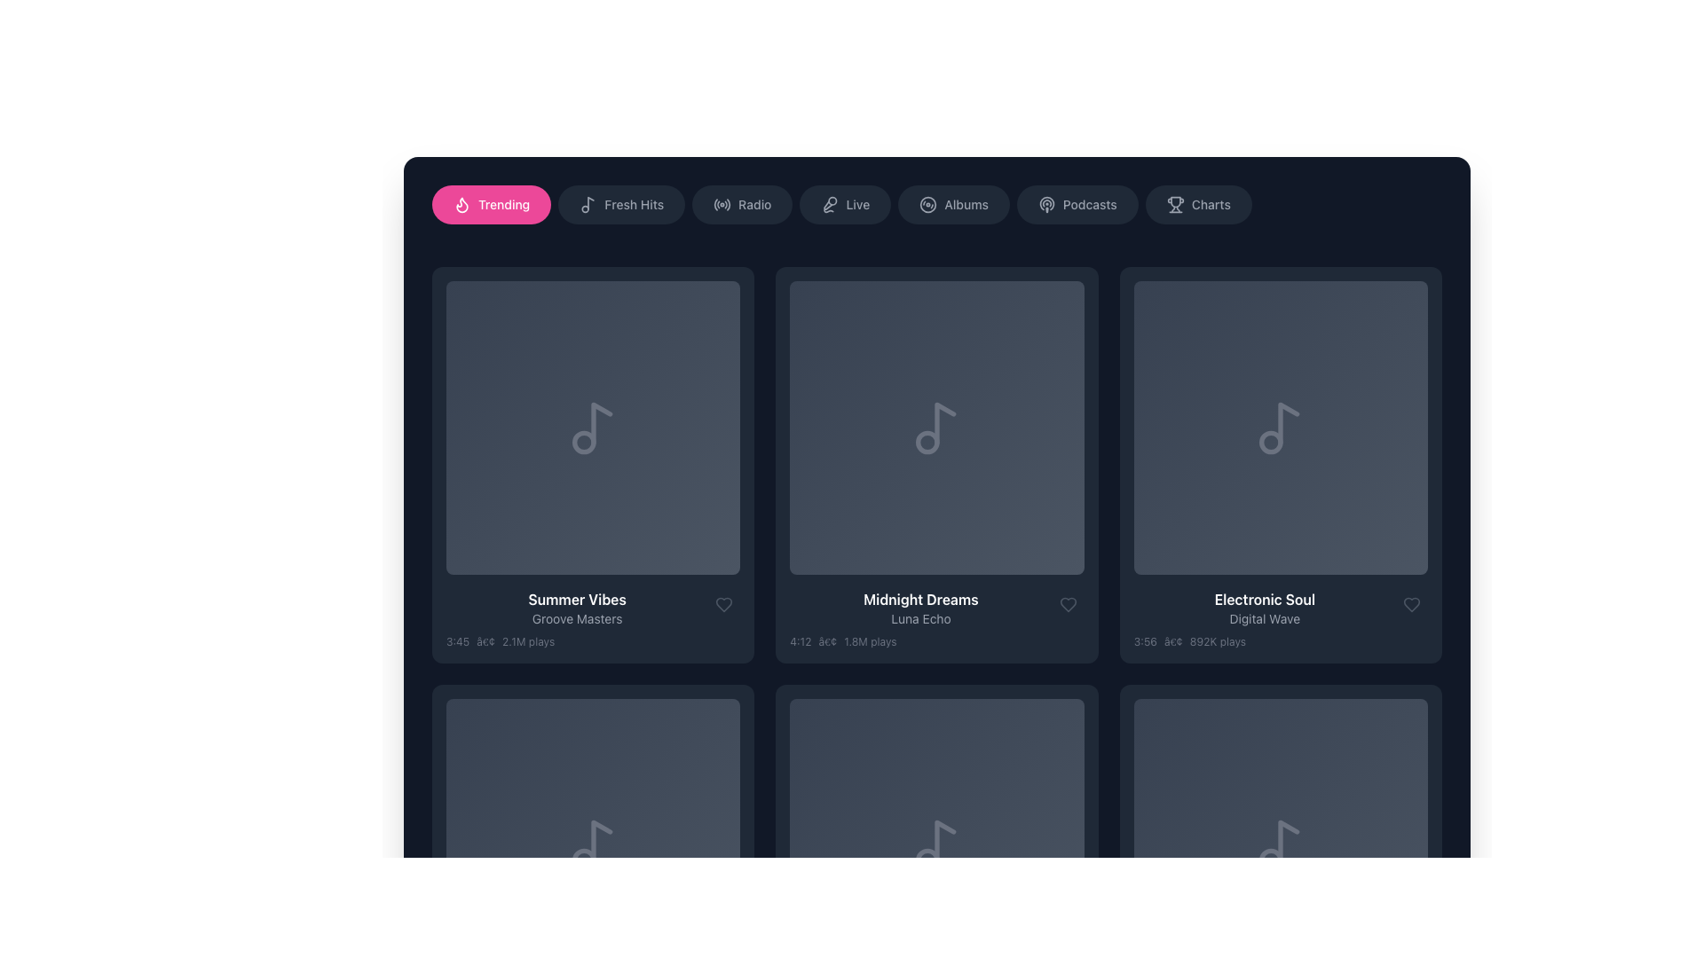  I want to click on the microphone icon, which is styled with a circular outline and located to the left of the 'Live' text in the navigation bar, so click(829, 204).